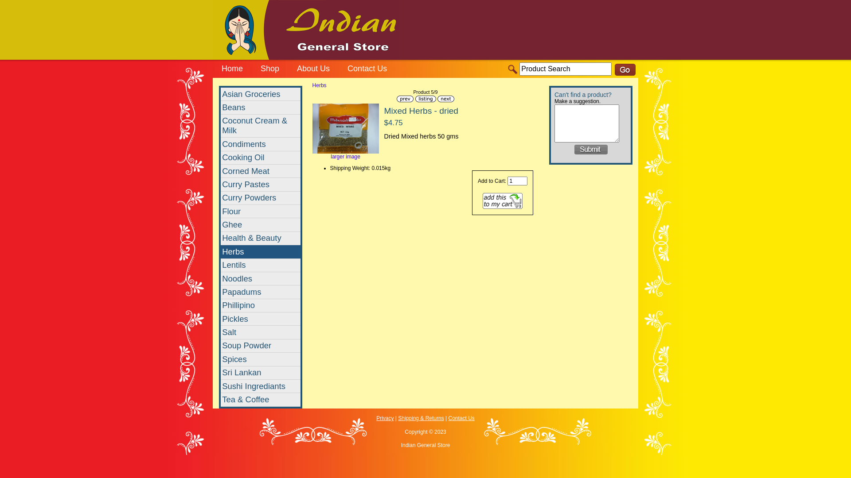  Describe the element at coordinates (385, 418) in the screenshot. I see `'Privacy'` at that location.